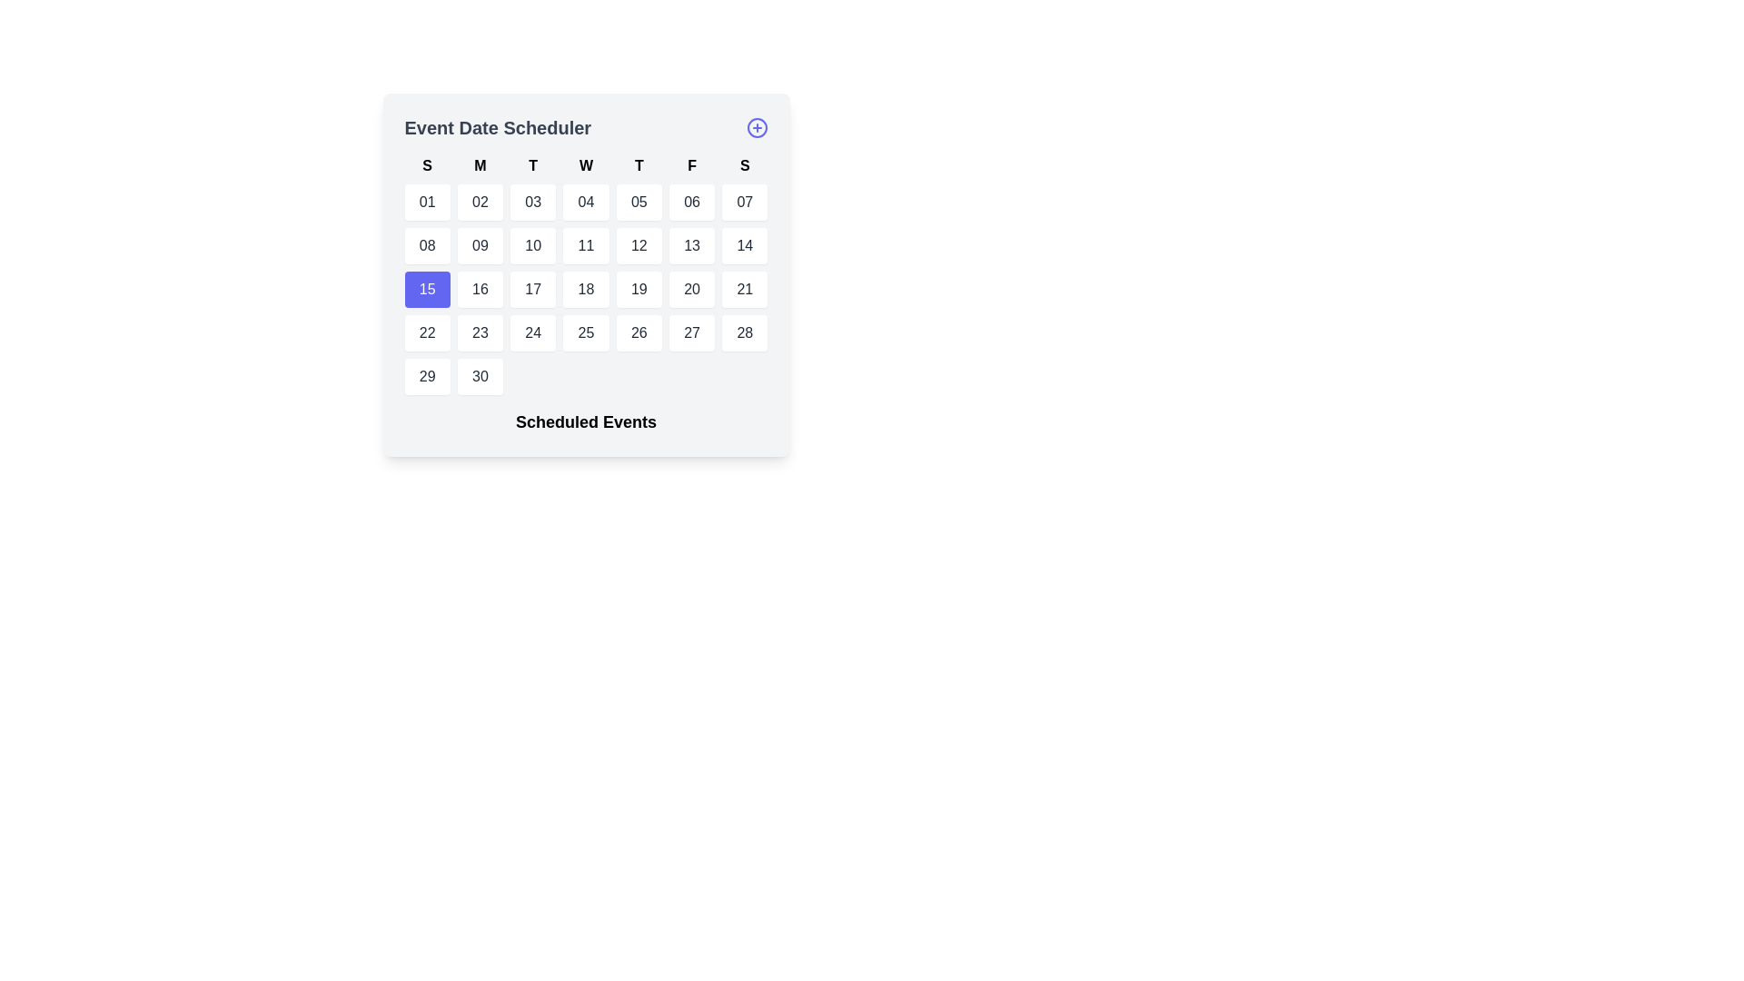 The width and height of the screenshot is (1744, 981). I want to click on the rounded rectangular button with gray text '29' in the bottom-left corner of the fifth row and first column of the calendar grid, so click(426, 376).